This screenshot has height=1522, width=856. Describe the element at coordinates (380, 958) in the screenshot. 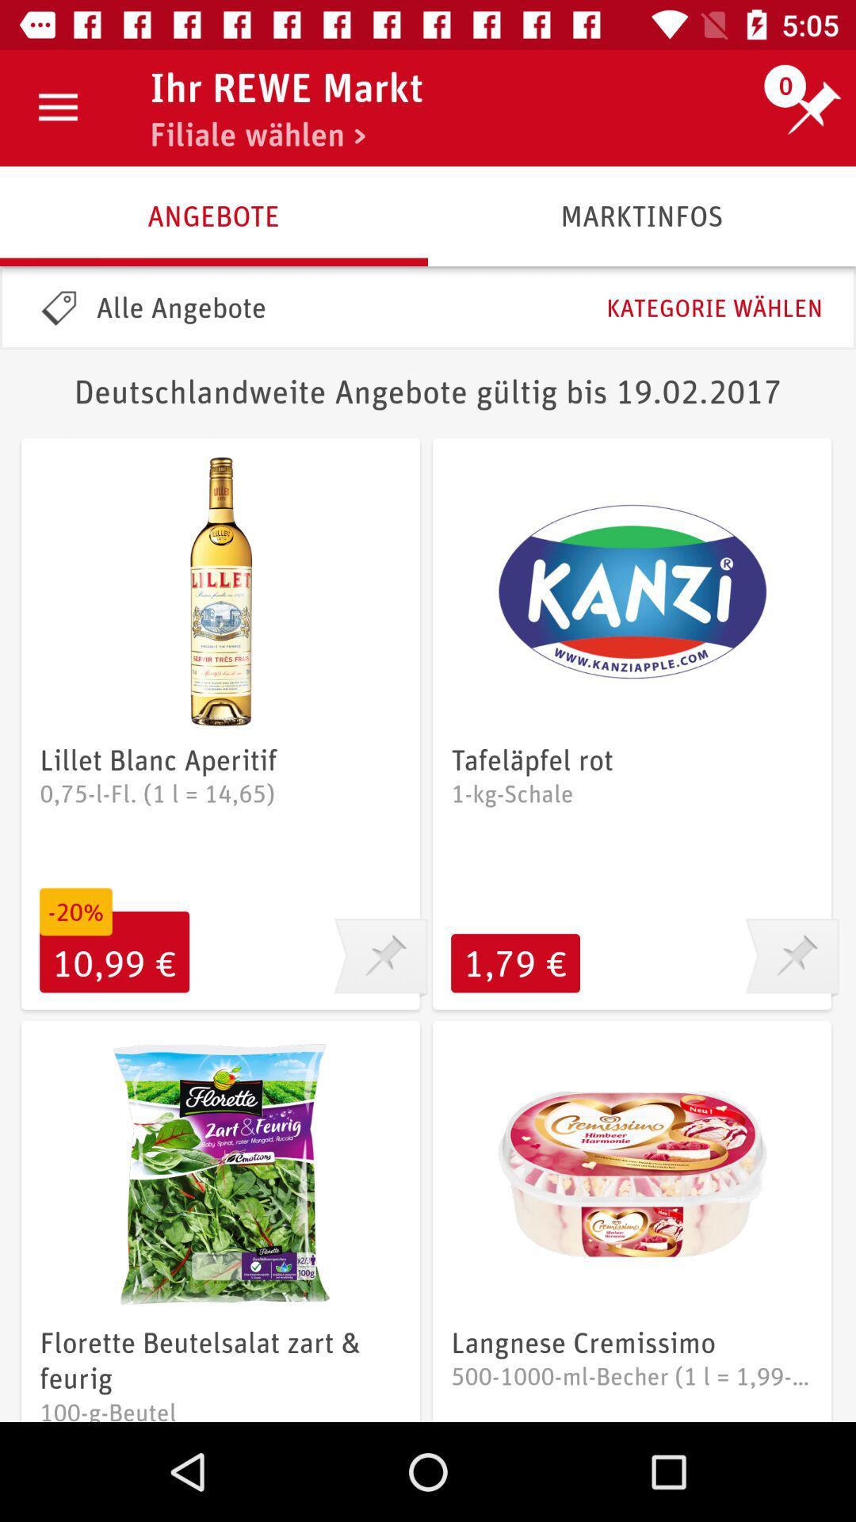

I see `this item` at that location.